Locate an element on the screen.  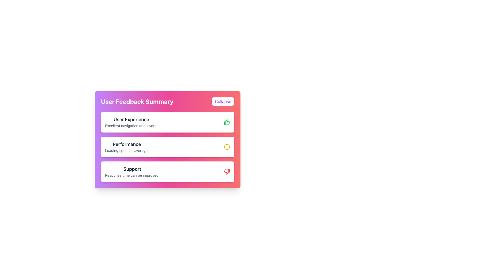
the button located at the top-right corner of the 'User Feedback Summary' section to interact with its hover effect is located at coordinates (223, 102).